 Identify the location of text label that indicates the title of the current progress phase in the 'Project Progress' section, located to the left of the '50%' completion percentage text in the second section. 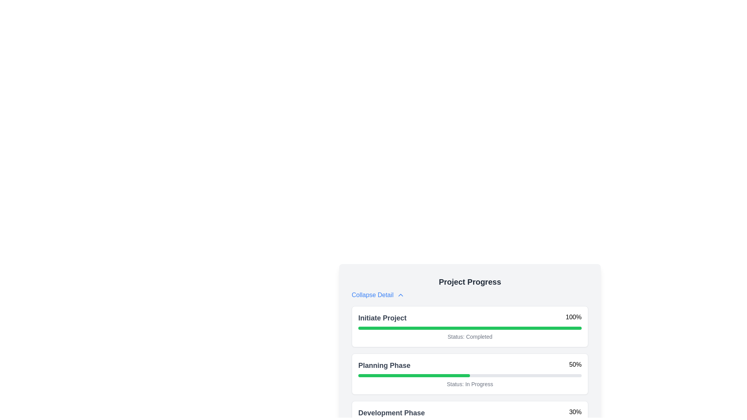
(384, 366).